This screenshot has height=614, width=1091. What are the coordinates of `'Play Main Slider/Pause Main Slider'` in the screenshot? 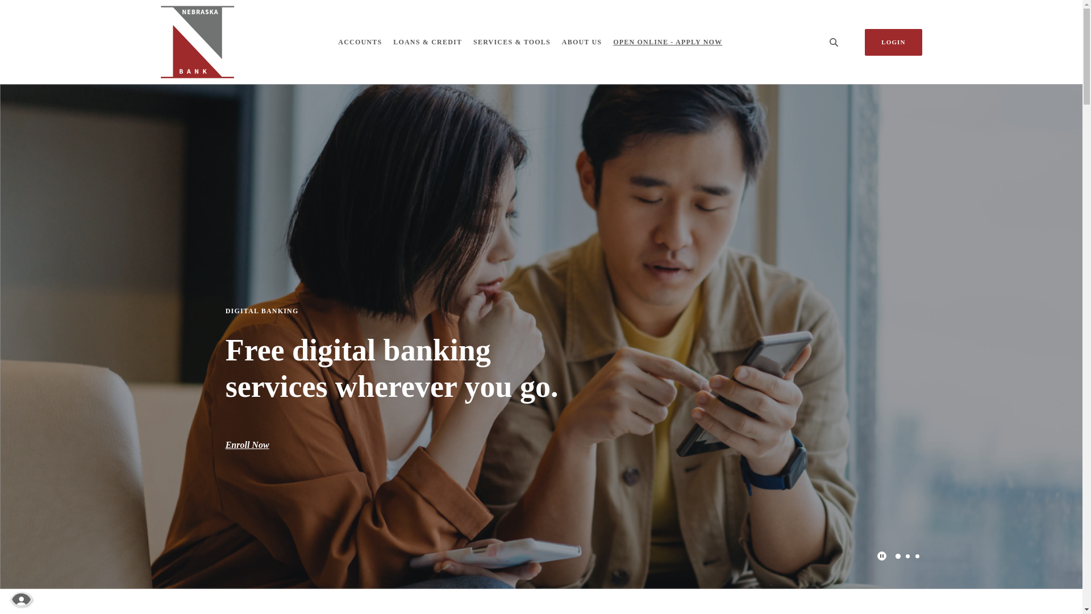 It's located at (881, 555).